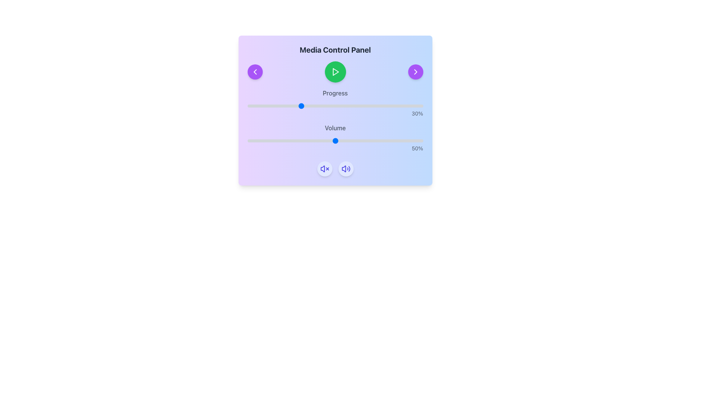 This screenshot has width=727, height=409. I want to click on the mute control vector graphic element in the media control panel, located on the left side of the SVG group at the bottom center region, so click(322, 169).